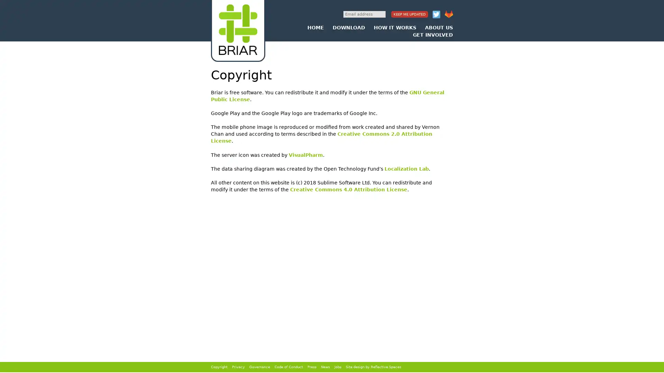 Image resolution: width=664 pixels, height=373 pixels. Describe the element at coordinates (409, 14) in the screenshot. I see `KEEP ME UPDATED` at that location.